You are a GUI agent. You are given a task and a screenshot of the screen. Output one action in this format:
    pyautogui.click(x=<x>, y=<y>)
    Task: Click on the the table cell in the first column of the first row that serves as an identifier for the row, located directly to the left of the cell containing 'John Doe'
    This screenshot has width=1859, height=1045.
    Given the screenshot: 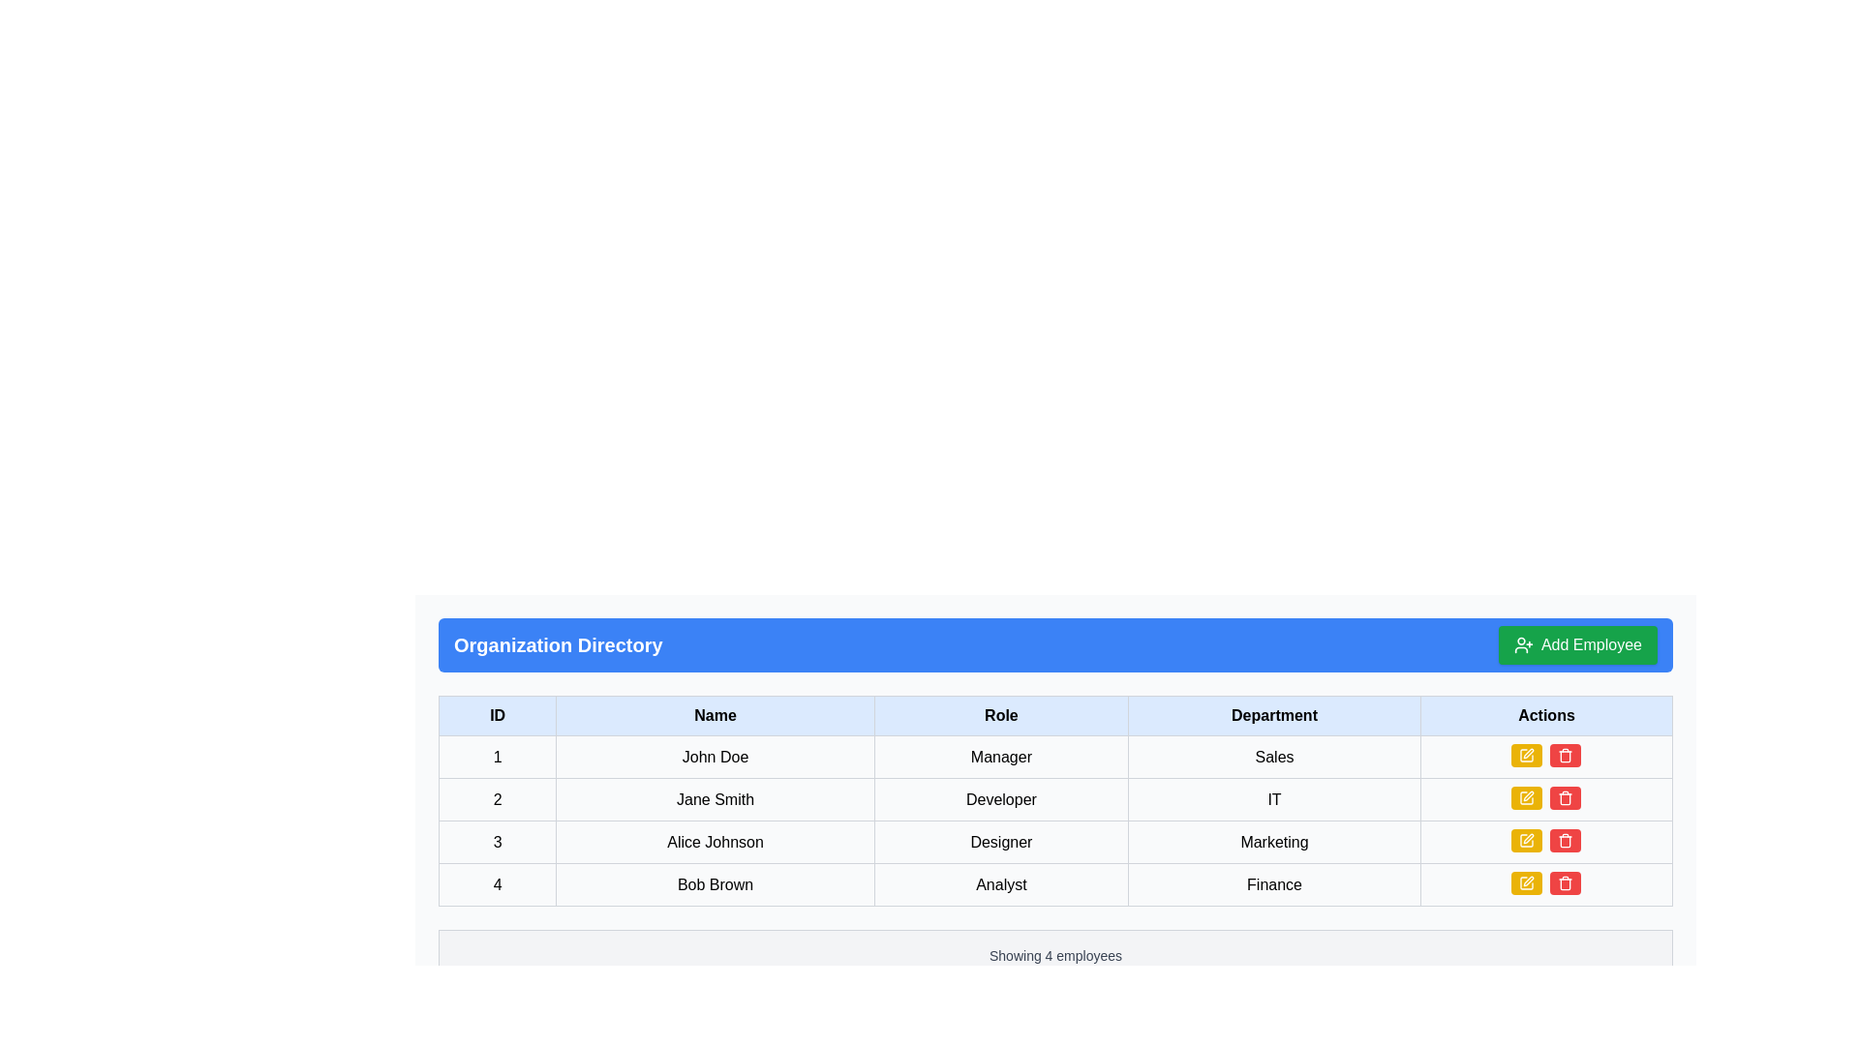 What is the action you would take?
    pyautogui.click(x=498, y=756)
    